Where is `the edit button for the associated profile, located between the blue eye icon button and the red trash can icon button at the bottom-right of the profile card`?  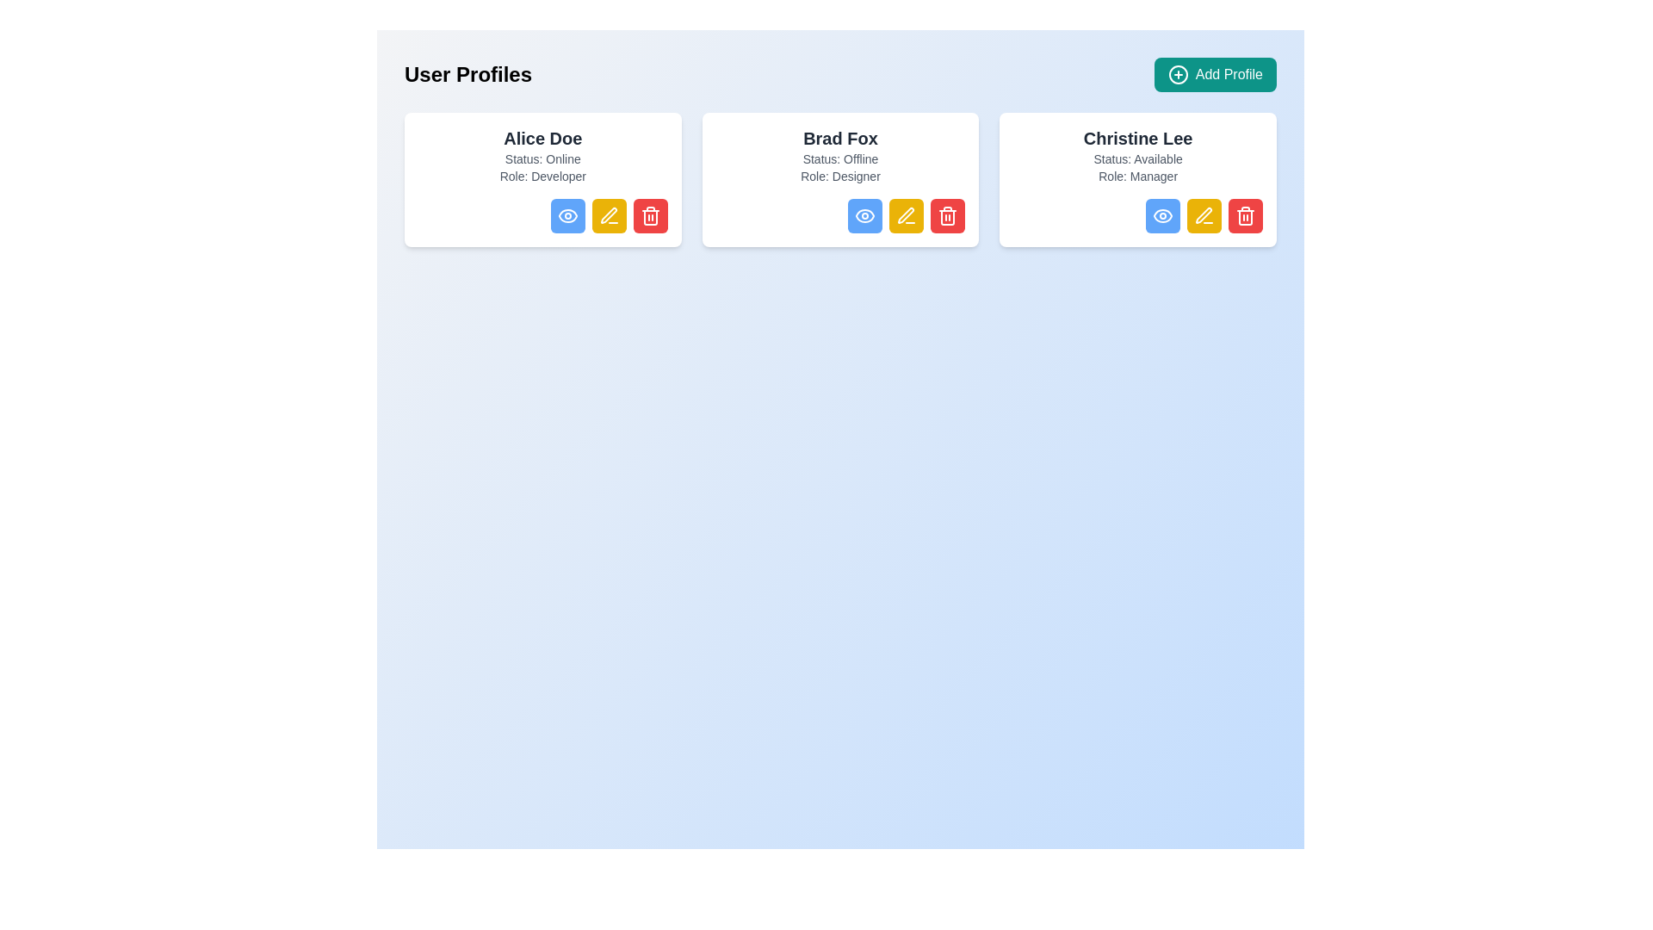 the edit button for the associated profile, located between the blue eye icon button and the red trash can icon button at the bottom-right of the profile card is located at coordinates (1203, 214).